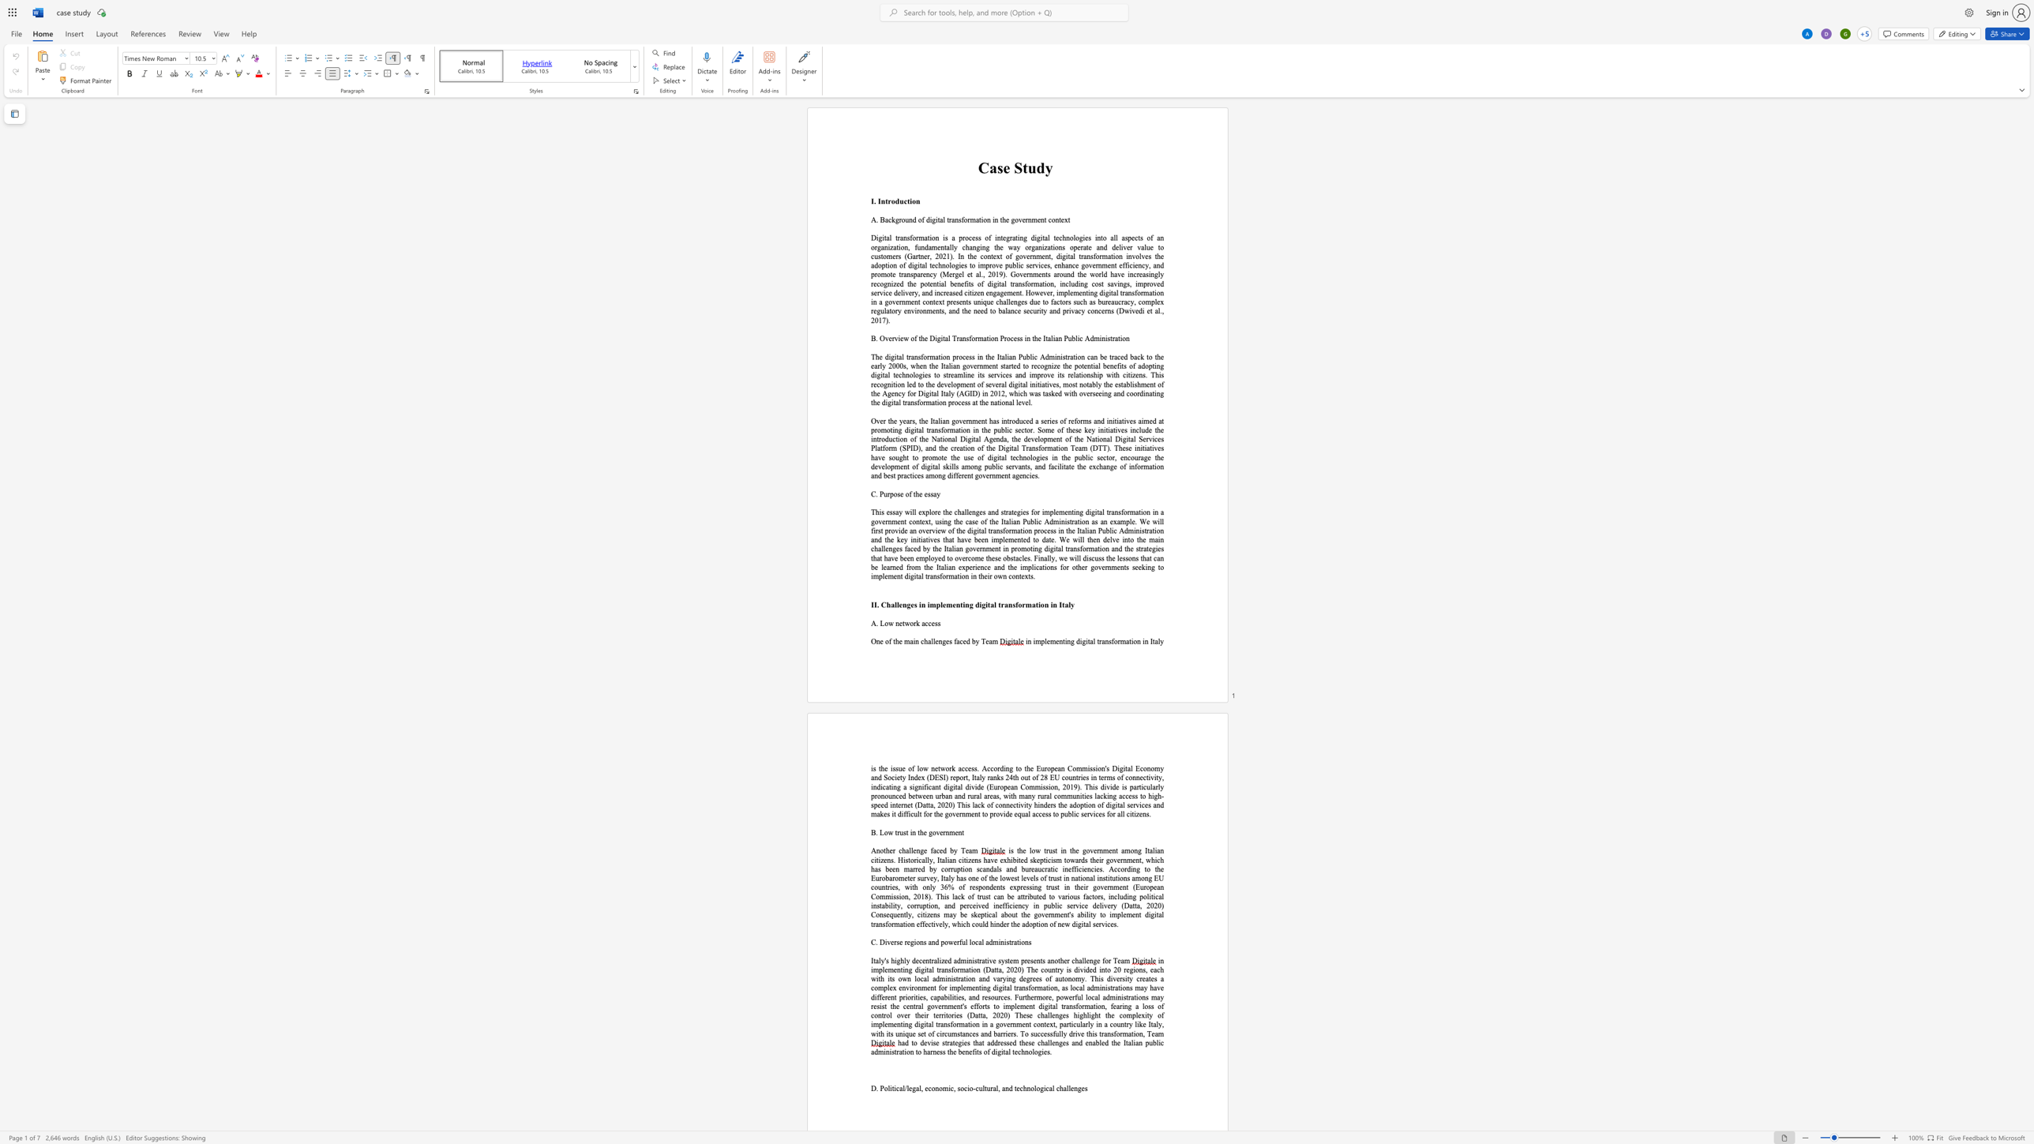  What do you see at coordinates (951, 804) in the screenshot?
I see `the space between the continuous character "0" and ")" in the text` at bounding box center [951, 804].